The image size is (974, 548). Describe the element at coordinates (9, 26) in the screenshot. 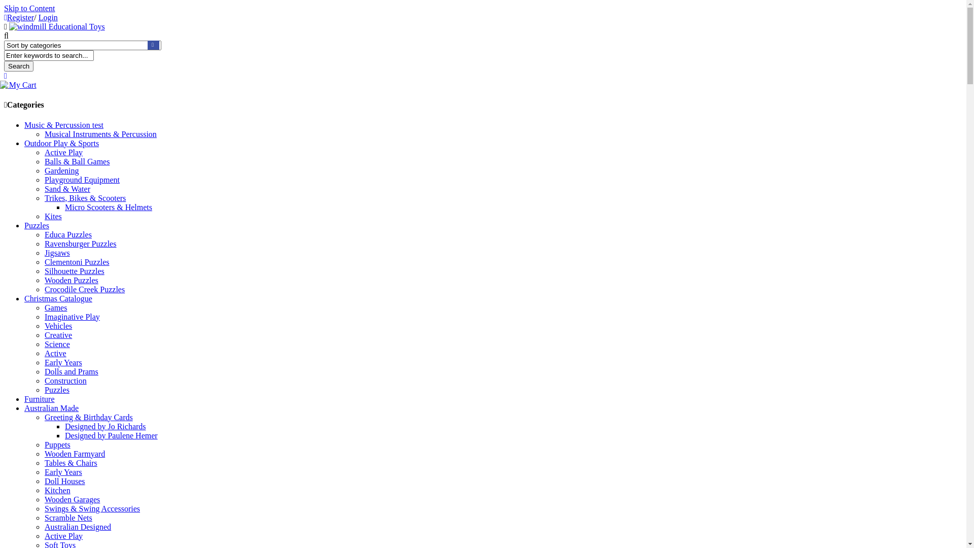

I see `'windmill Educational Toys'` at that location.